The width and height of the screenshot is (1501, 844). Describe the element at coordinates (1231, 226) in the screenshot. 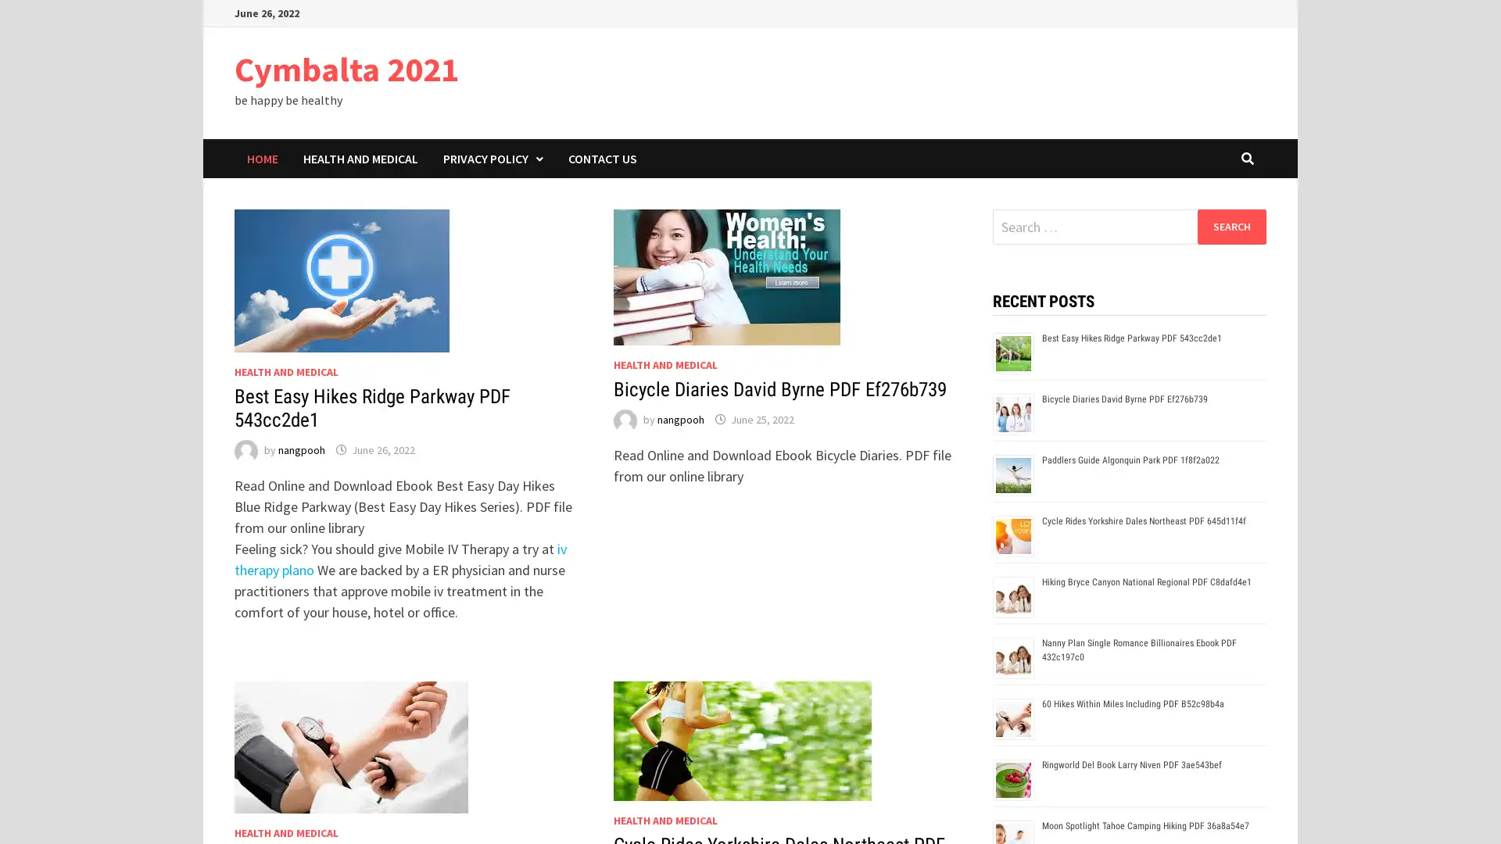

I see `Search` at that location.